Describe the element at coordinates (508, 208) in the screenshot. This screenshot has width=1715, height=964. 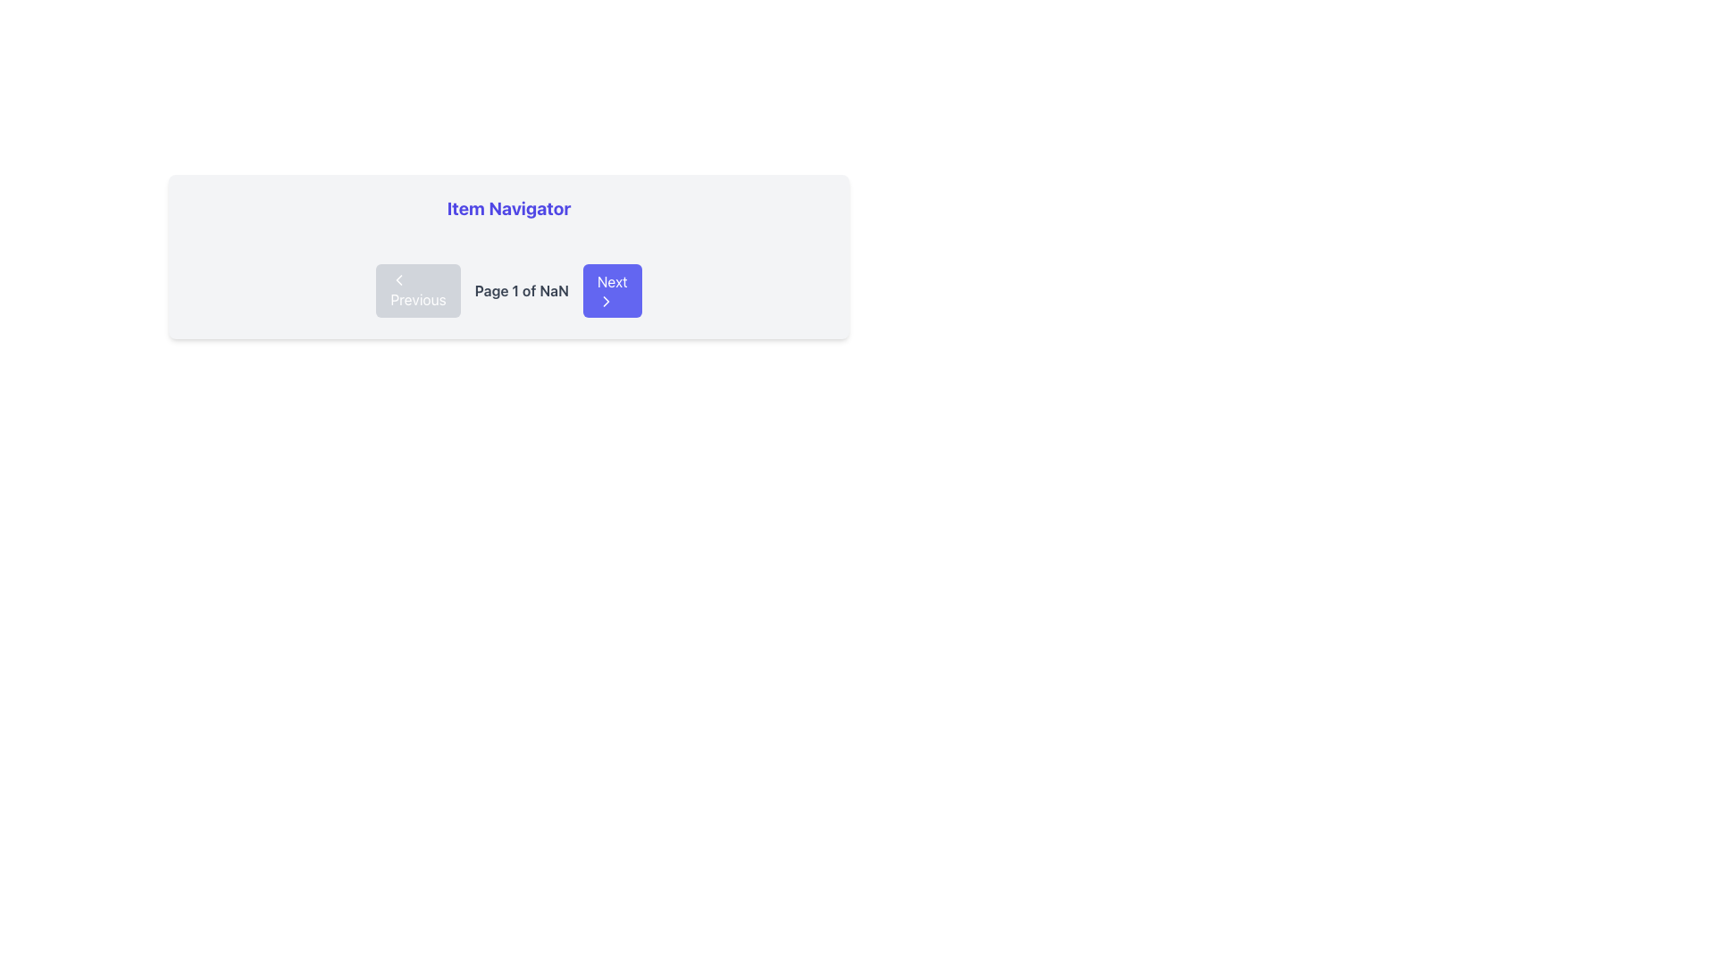
I see `the static heading label located at the center-top of the navigation area, which provides context to the user about this UI section` at that location.